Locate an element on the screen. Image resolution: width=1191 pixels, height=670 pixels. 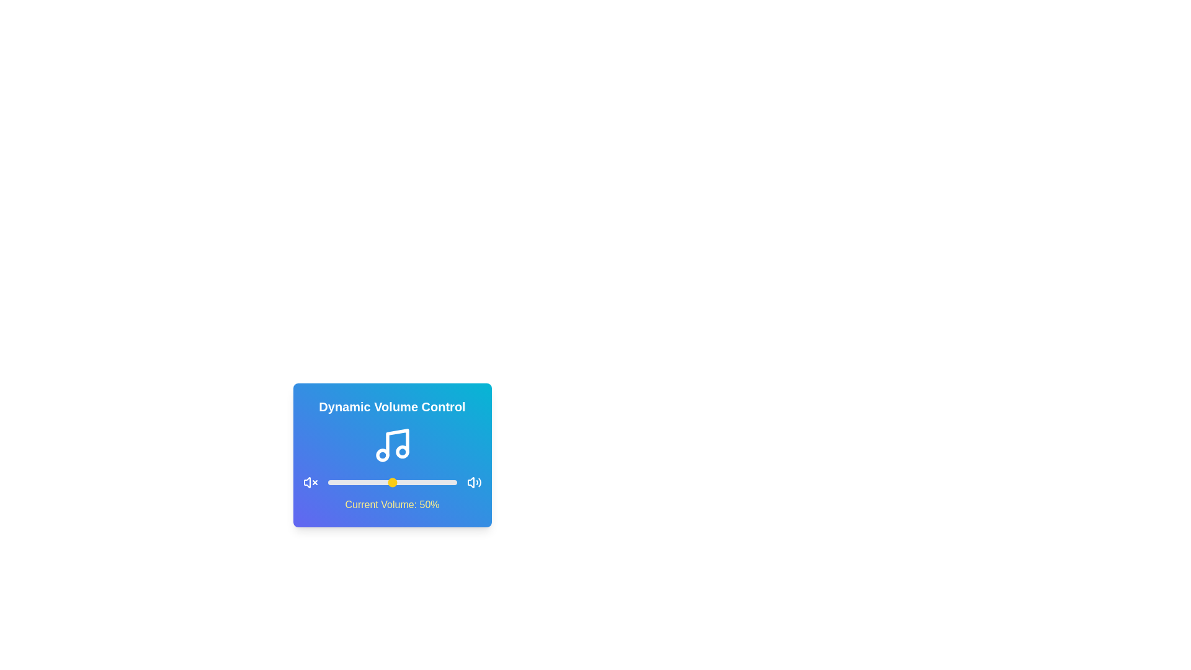
the volume to 12% by adjusting the slider is located at coordinates (343, 482).